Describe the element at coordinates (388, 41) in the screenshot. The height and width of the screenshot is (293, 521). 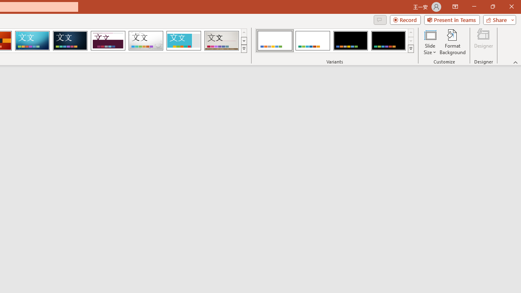
I see `'Office Theme Variant 4'` at that location.